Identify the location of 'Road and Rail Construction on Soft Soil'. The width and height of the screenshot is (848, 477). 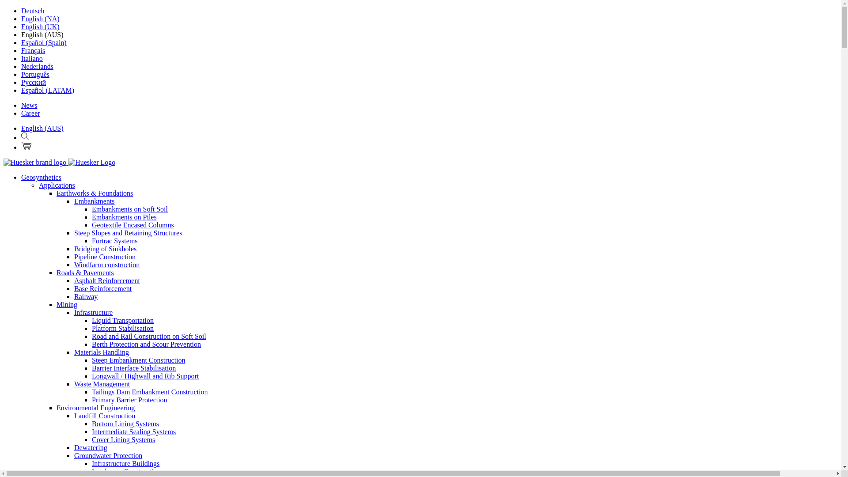
(149, 336).